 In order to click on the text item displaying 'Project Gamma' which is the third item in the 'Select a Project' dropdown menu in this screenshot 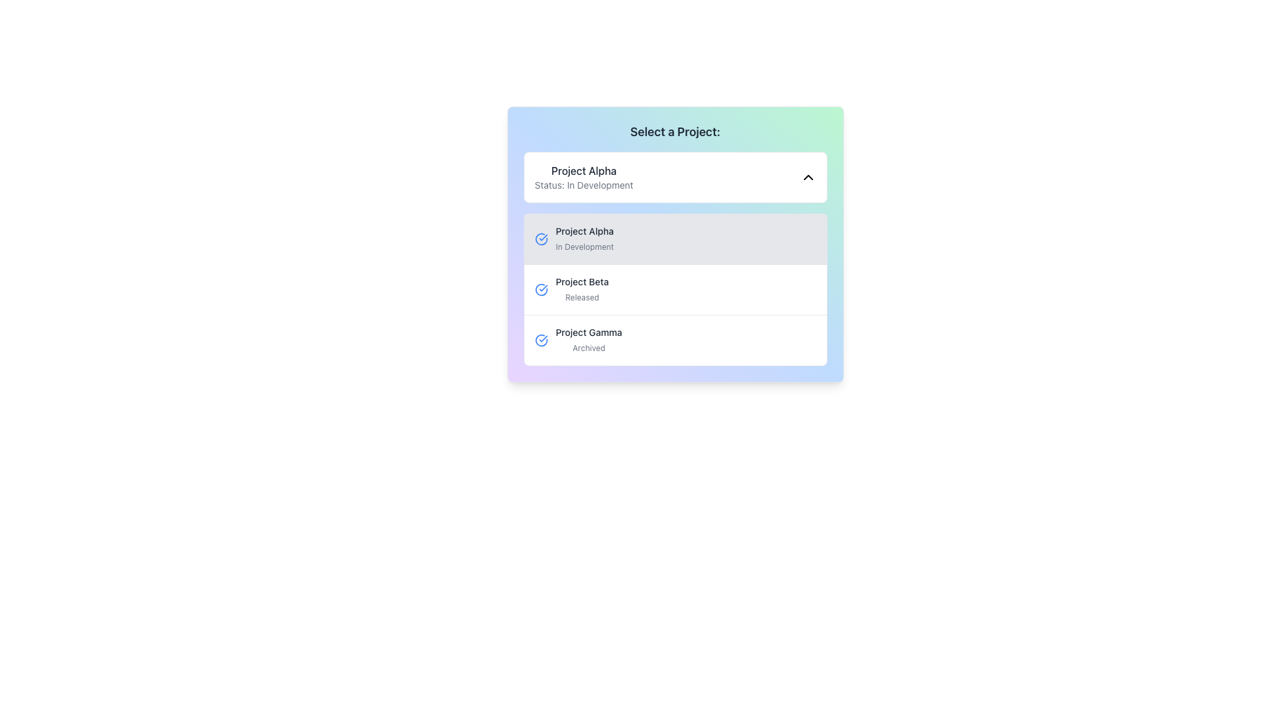, I will do `click(588, 339)`.